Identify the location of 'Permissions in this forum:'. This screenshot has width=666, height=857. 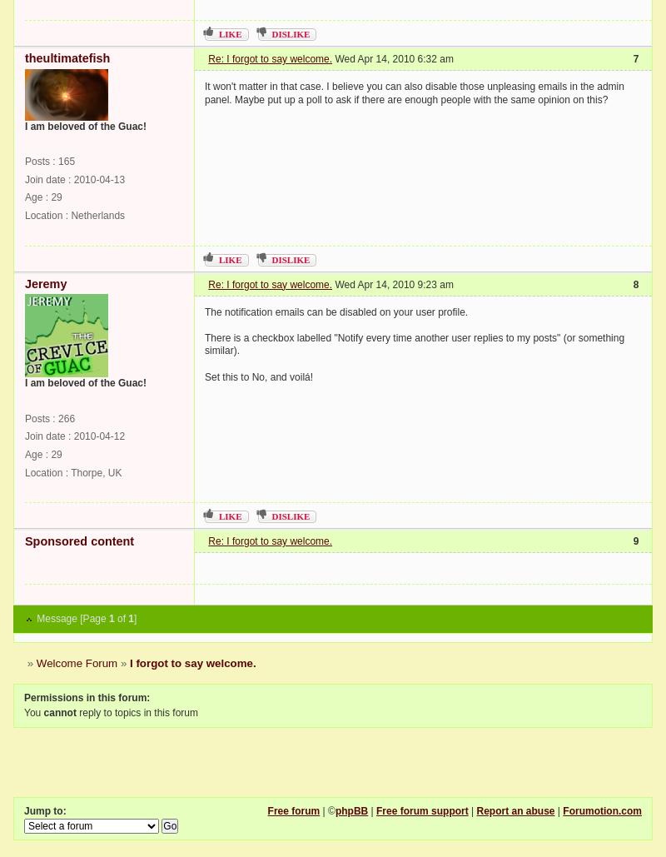
(86, 697).